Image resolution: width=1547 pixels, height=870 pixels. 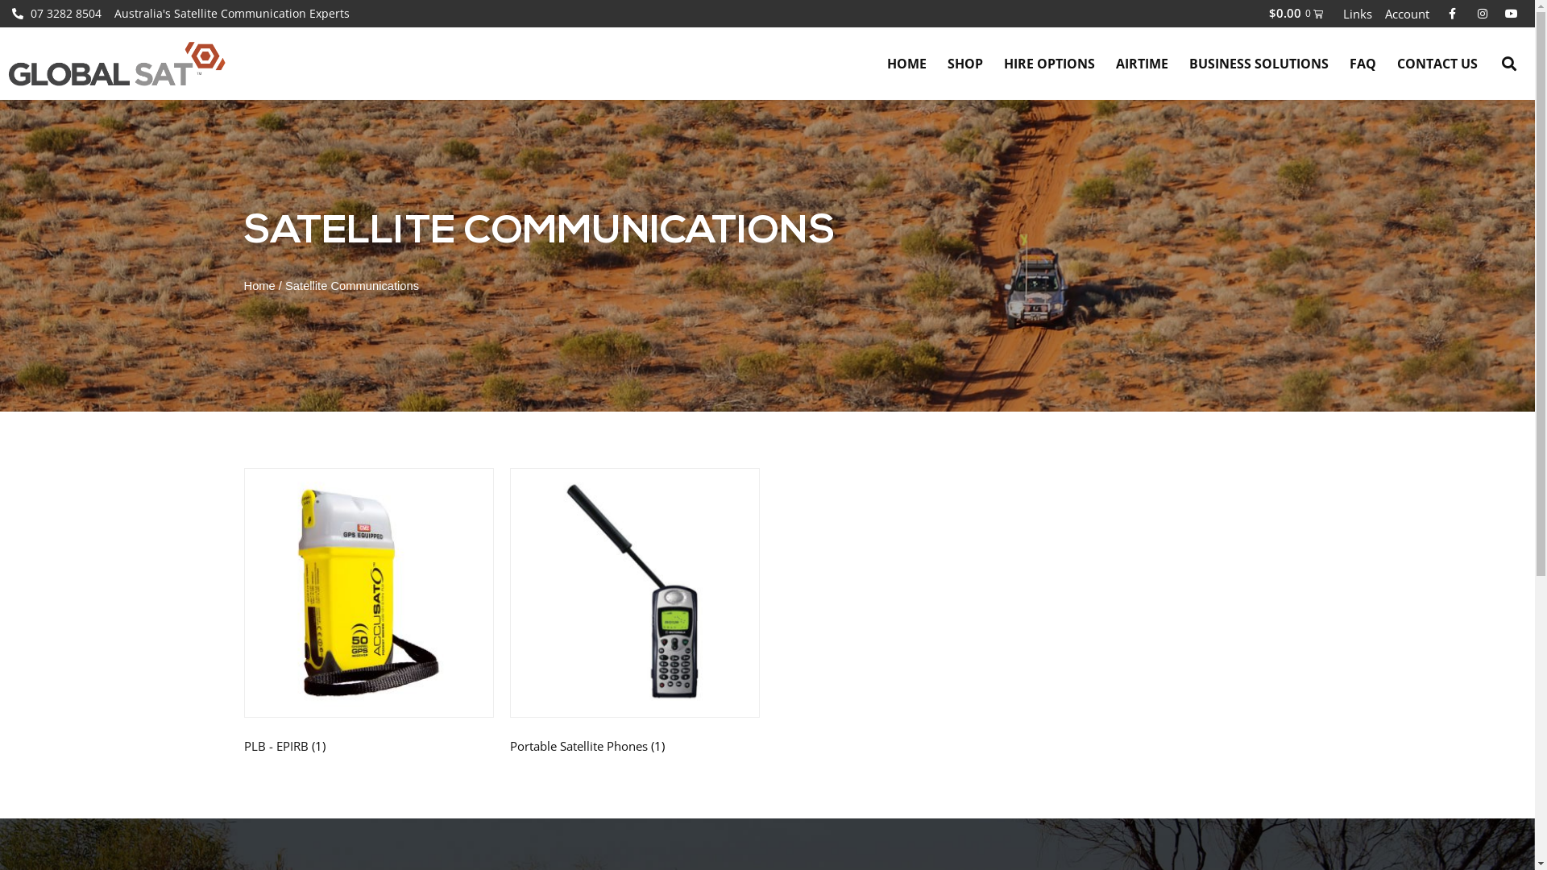 I want to click on 'CONTACT US', so click(x=1386, y=62).